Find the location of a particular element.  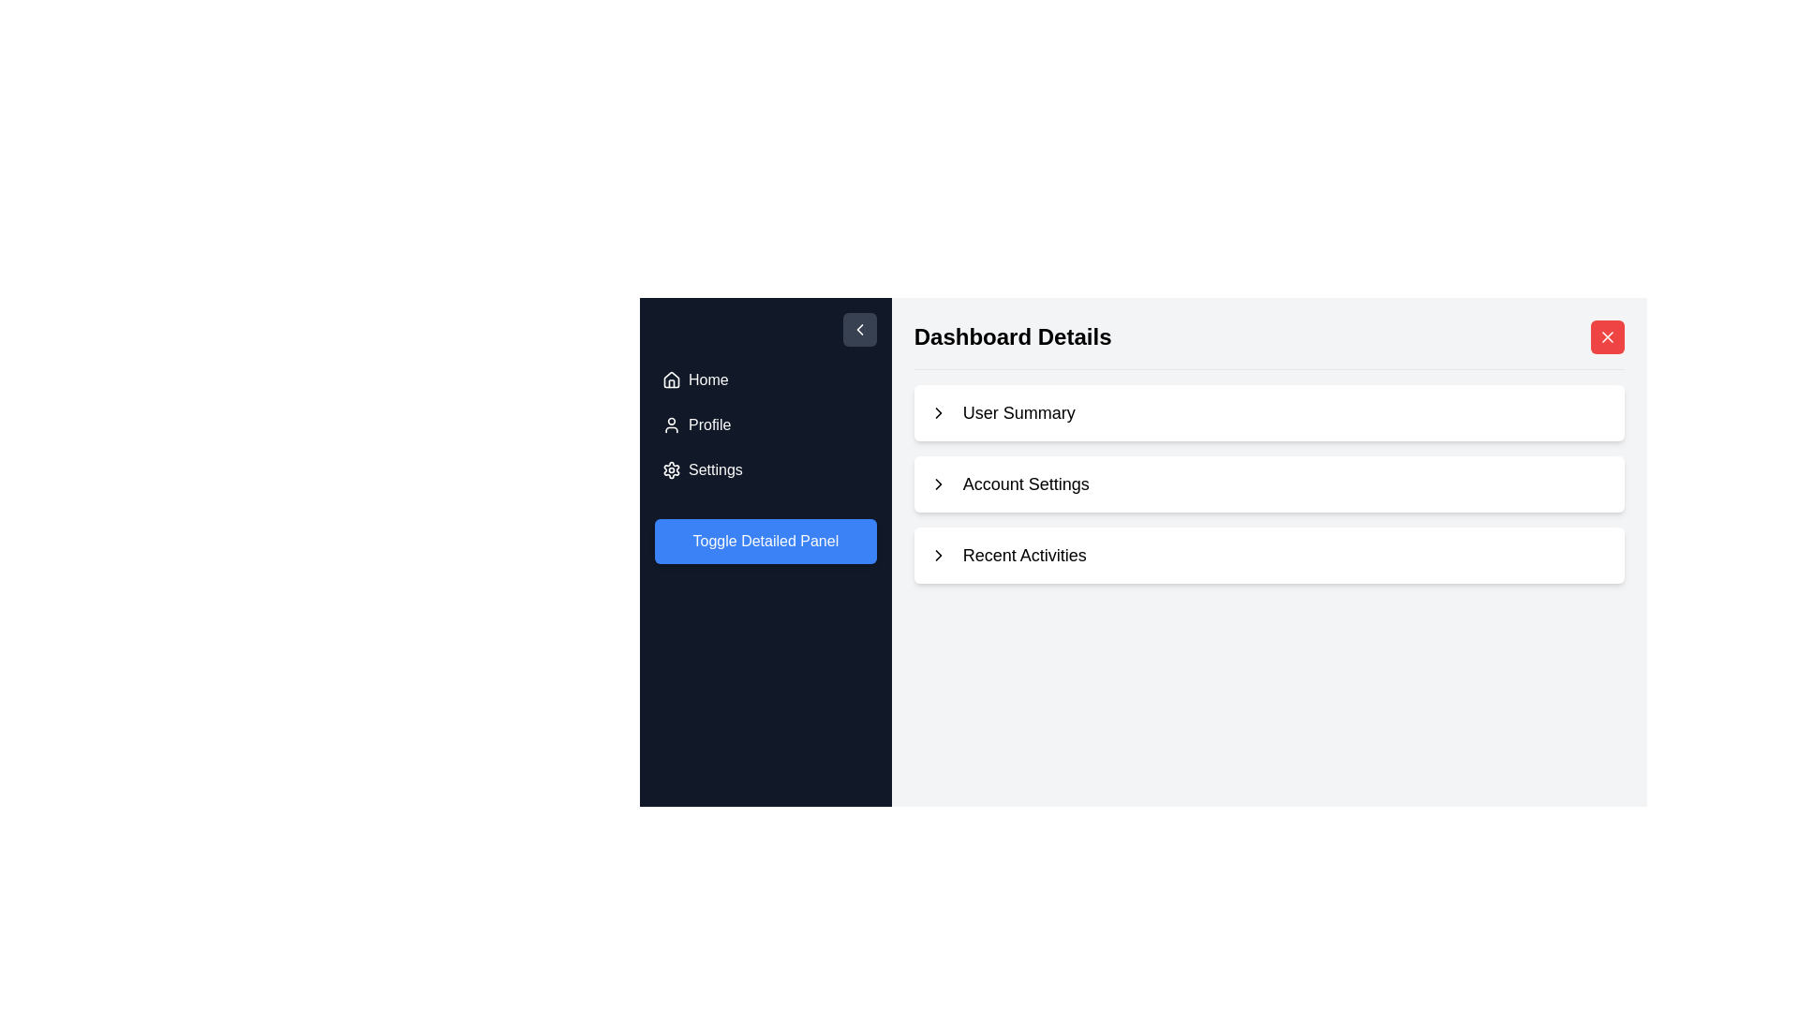

the blue rectangular button labeled 'Toggle Detailed Panel' is located at coordinates (766, 542).